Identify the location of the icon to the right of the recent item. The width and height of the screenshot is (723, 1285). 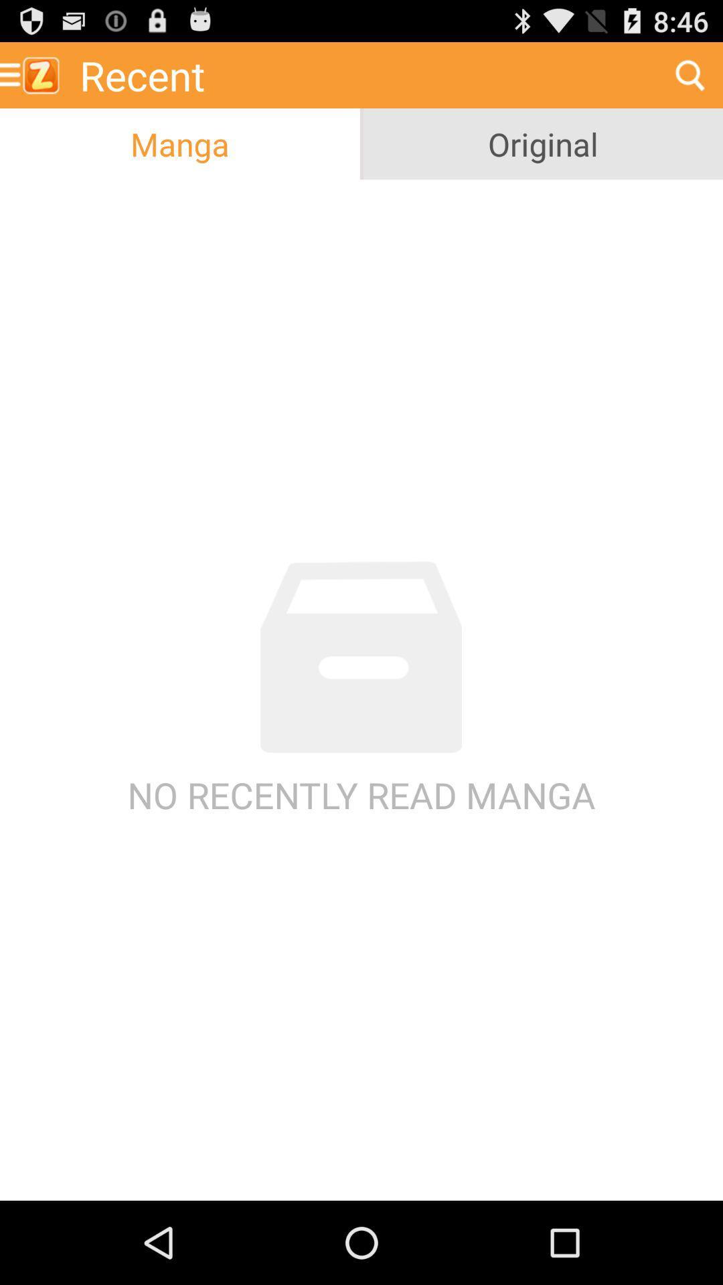
(690, 74).